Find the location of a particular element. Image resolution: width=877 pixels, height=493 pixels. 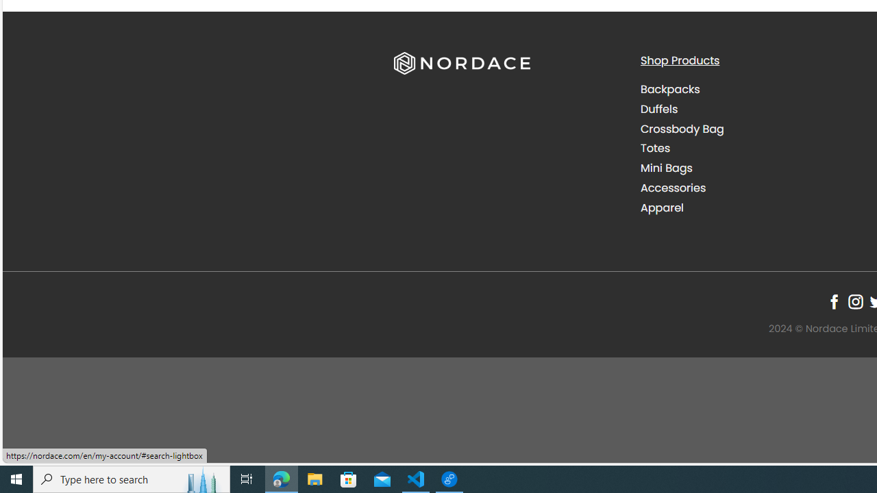

'Duffels' is located at coordinates (752, 108).